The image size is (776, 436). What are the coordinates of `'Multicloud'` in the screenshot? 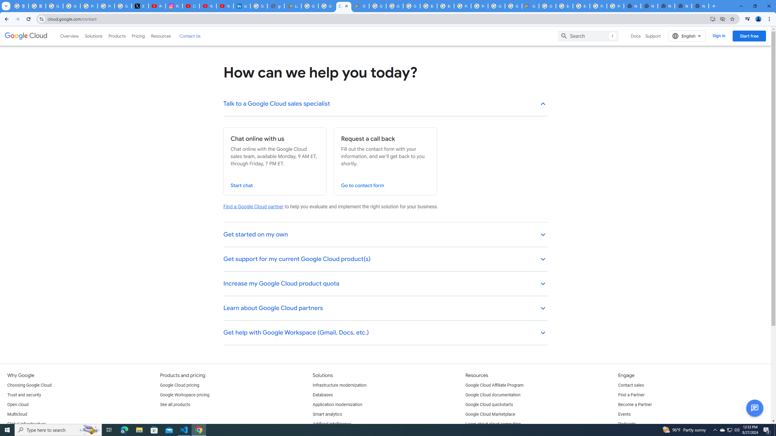 It's located at (17, 414).